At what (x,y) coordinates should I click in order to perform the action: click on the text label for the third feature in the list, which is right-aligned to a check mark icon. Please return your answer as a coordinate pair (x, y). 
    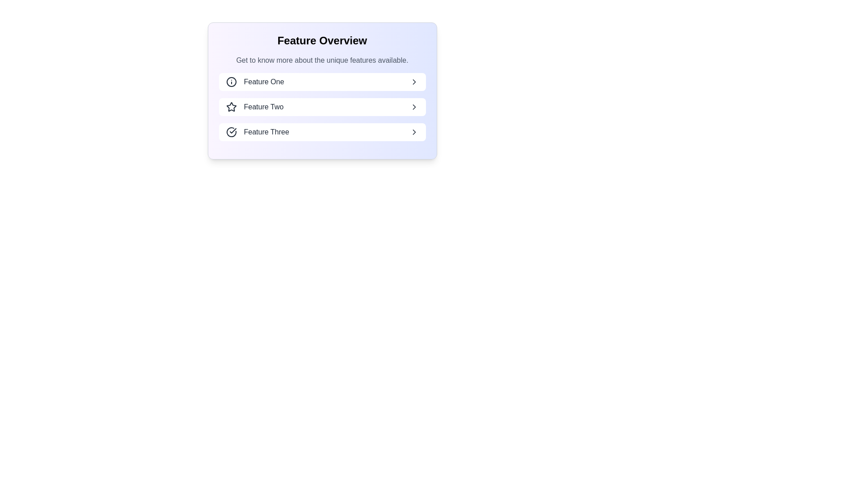
    Looking at the image, I should click on (266, 132).